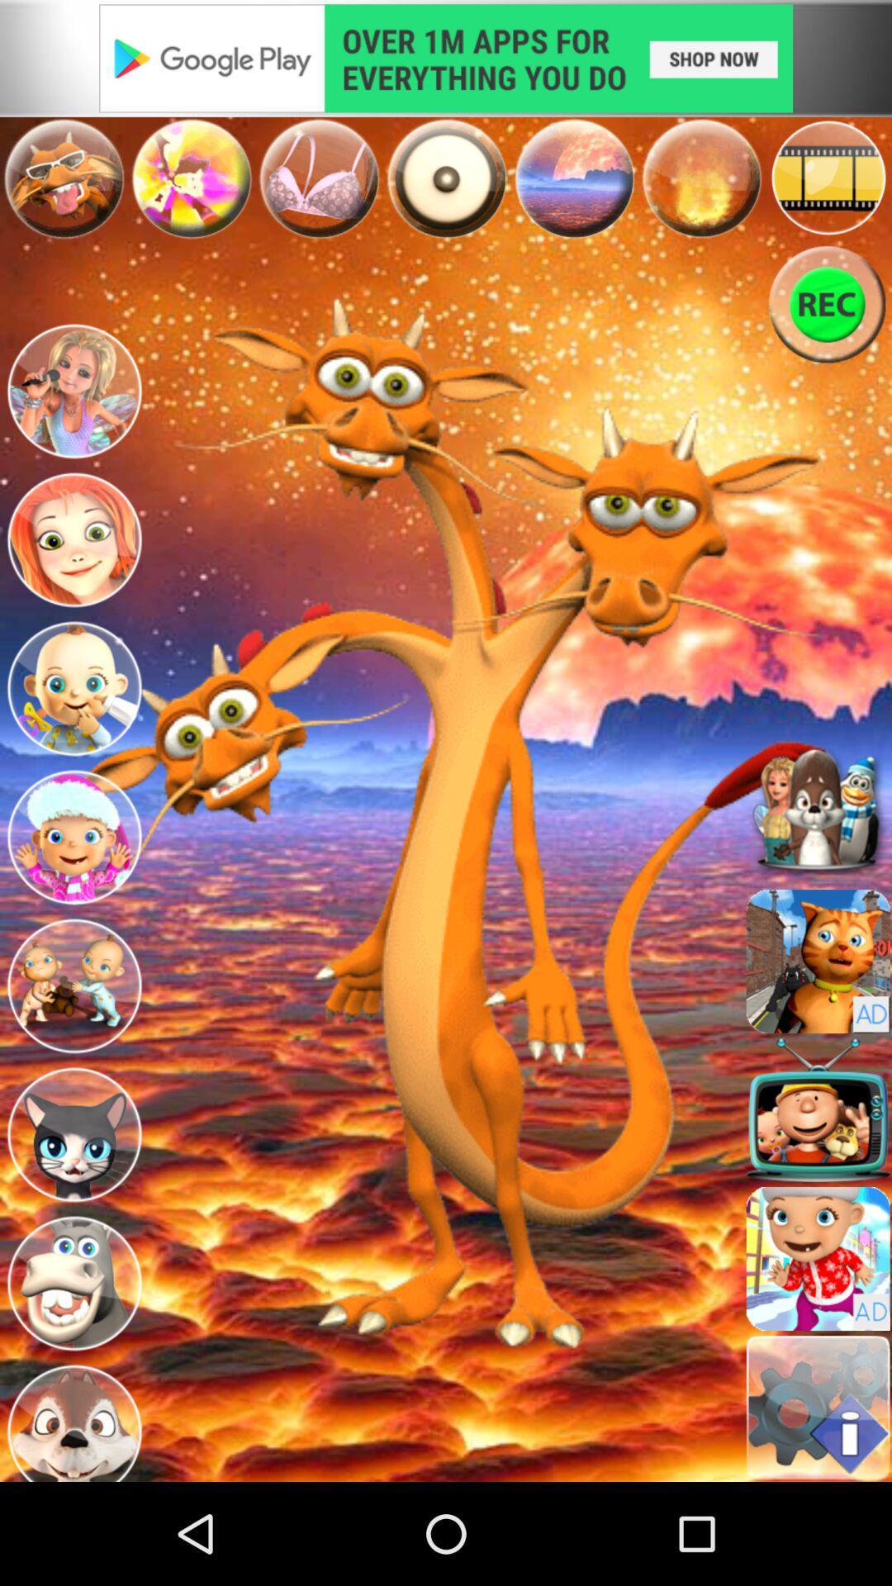  What do you see at coordinates (446, 58) in the screenshot?
I see `advertisements` at bounding box center [446, 58].